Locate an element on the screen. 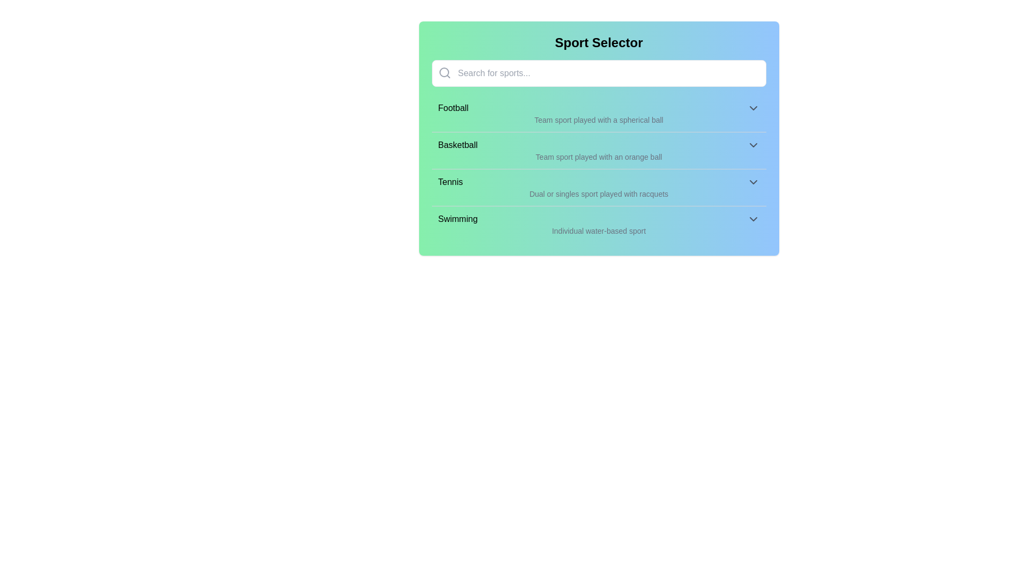 This screenshot has height=579, width=1029. the fourth collapsible list item for the sport 'Swimming' is located at coordinates (598, 224).